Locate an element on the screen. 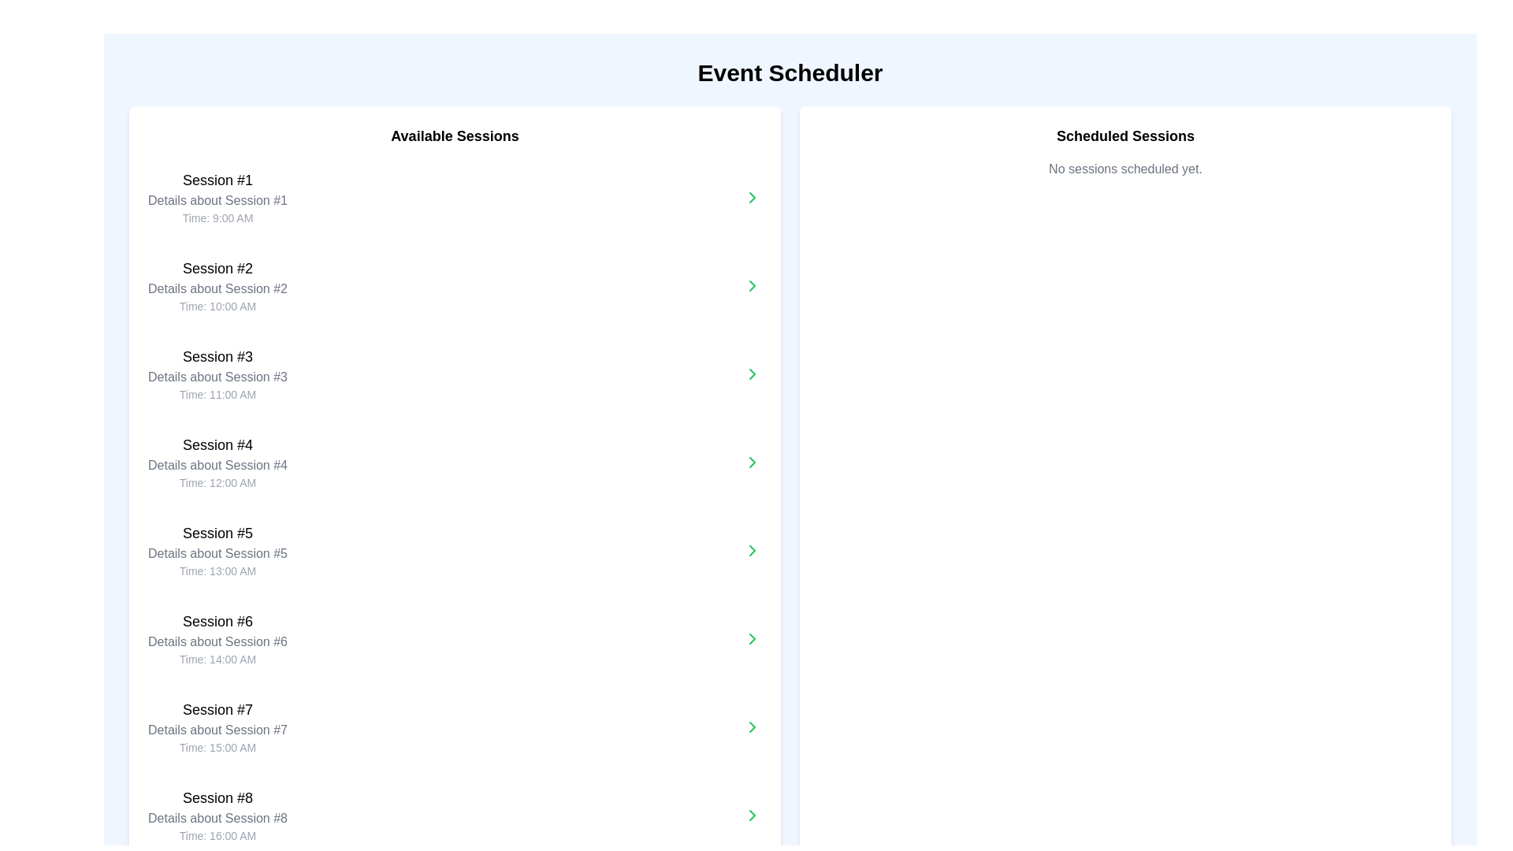 This screenshot has height=851, width=1513. the green arrow button located on the right side of the 'Available Sessions' section, adjacent to the 'Session #7' entry is located at coordinates (752, 727).